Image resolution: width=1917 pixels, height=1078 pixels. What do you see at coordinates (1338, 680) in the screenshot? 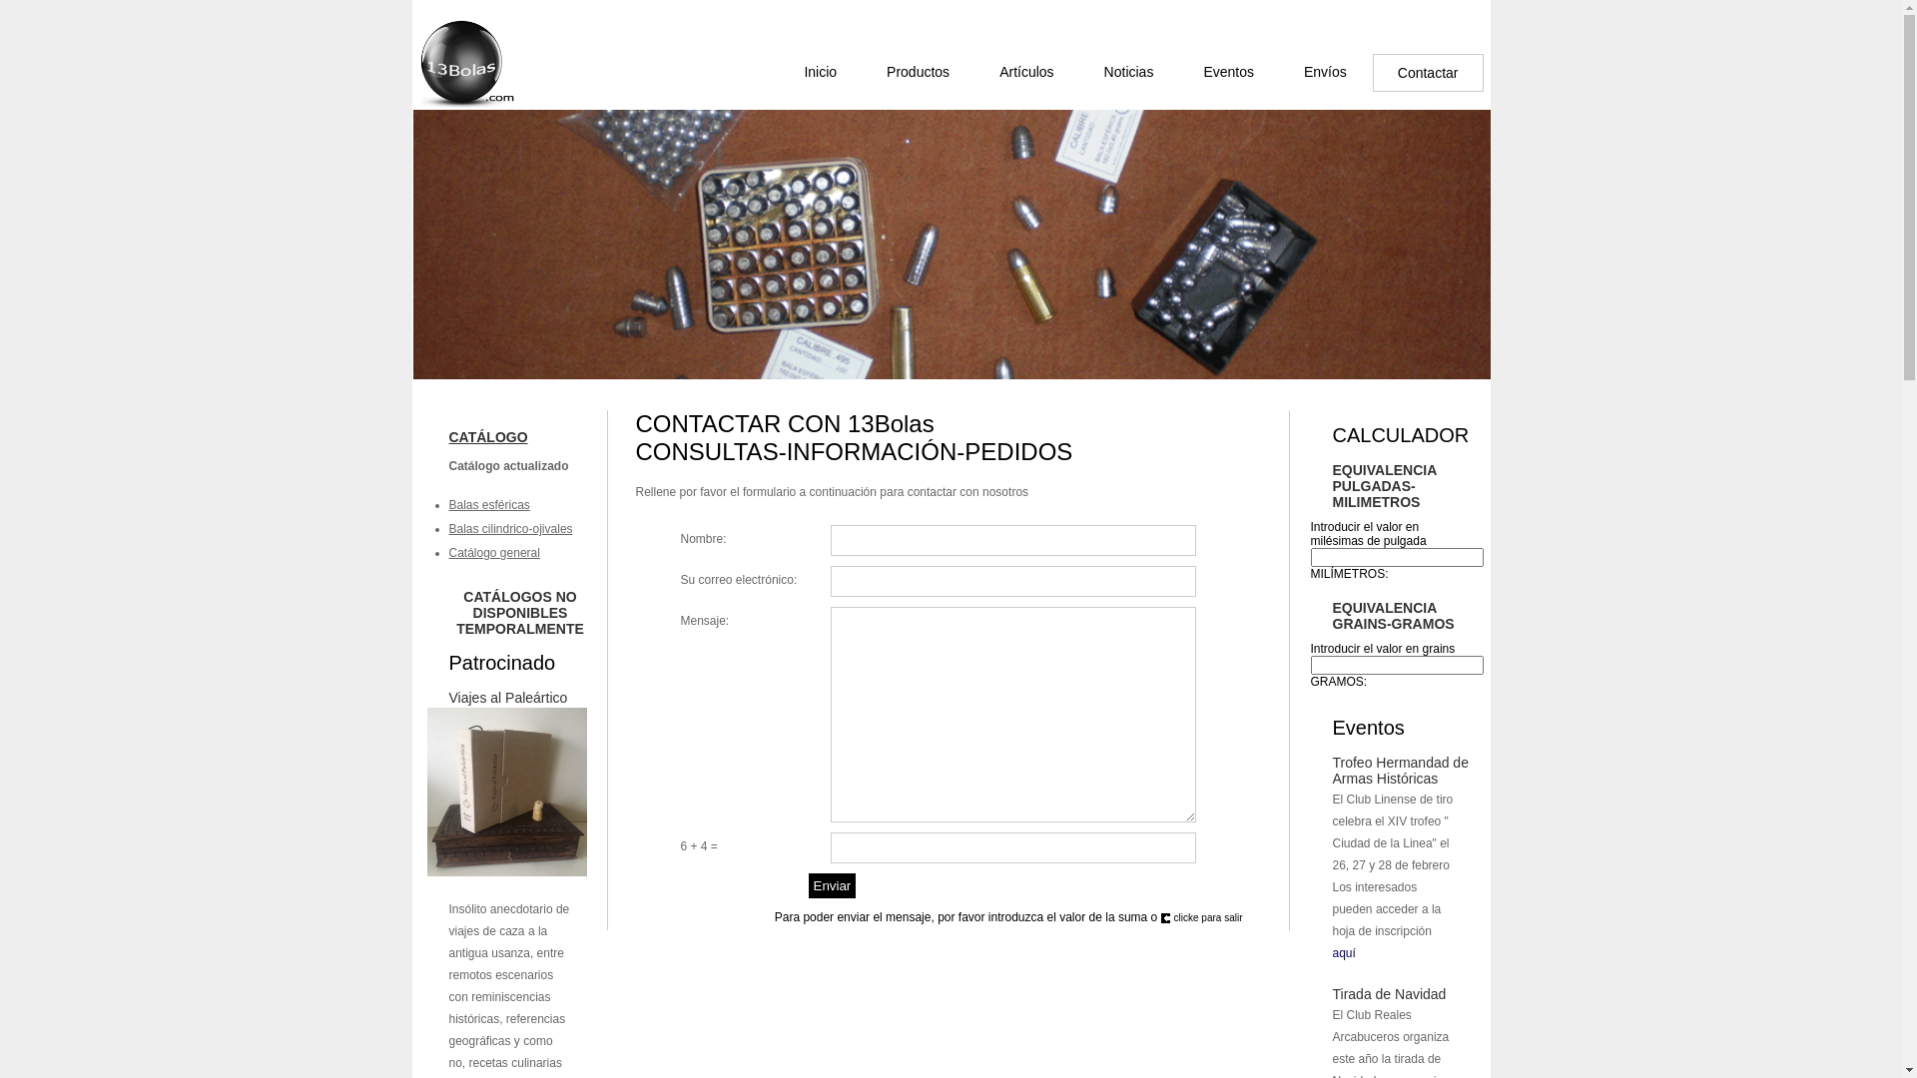
I see `'GRAMOS:'` at bounding box center [1338, 680].